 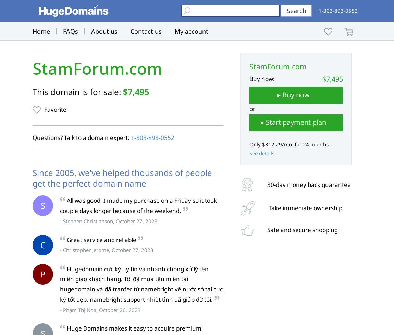 I want to click on 'My account', so click(x=192, y=31).